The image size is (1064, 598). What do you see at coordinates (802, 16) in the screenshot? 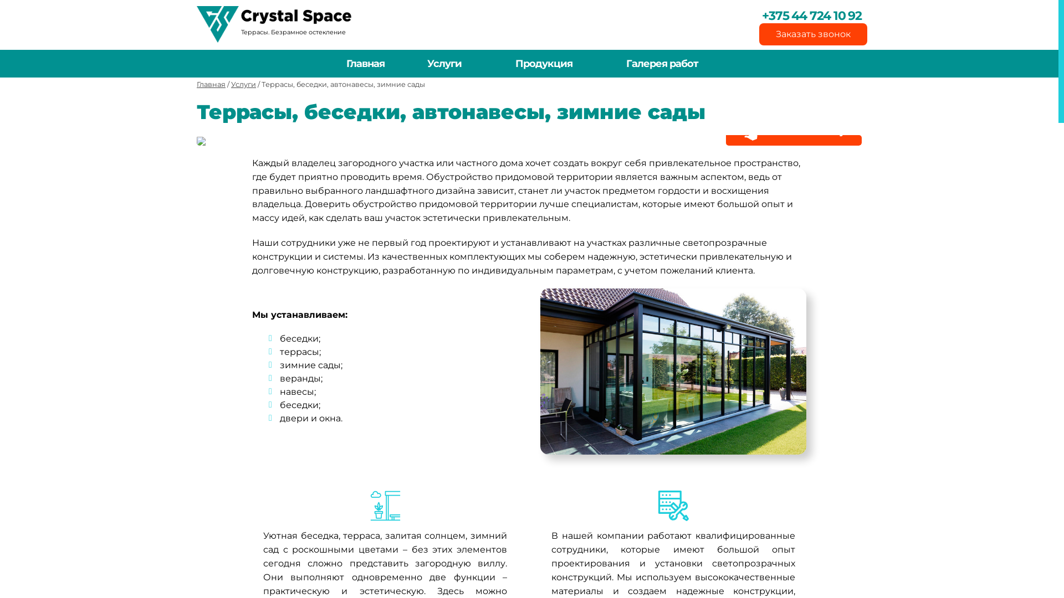
I see `'+375 44 724 10 92'` at bounding box center [802, 16].